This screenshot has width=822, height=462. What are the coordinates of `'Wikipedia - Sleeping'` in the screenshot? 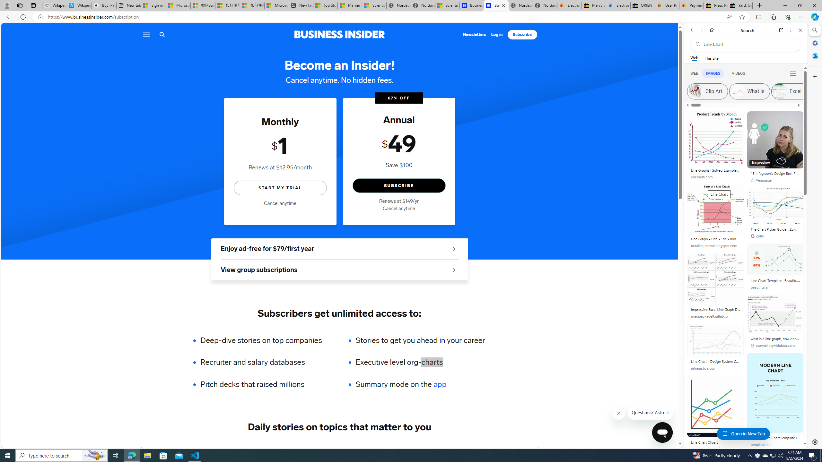 It's located at (55, 5).